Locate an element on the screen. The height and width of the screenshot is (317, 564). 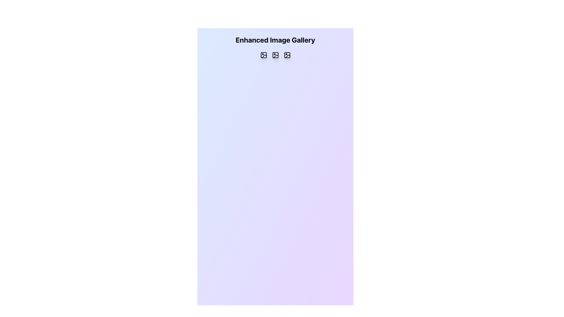
the first icon in the group of three icons below the 'Enhanced Image Gallery' heading is located at coordinates (263, 55).